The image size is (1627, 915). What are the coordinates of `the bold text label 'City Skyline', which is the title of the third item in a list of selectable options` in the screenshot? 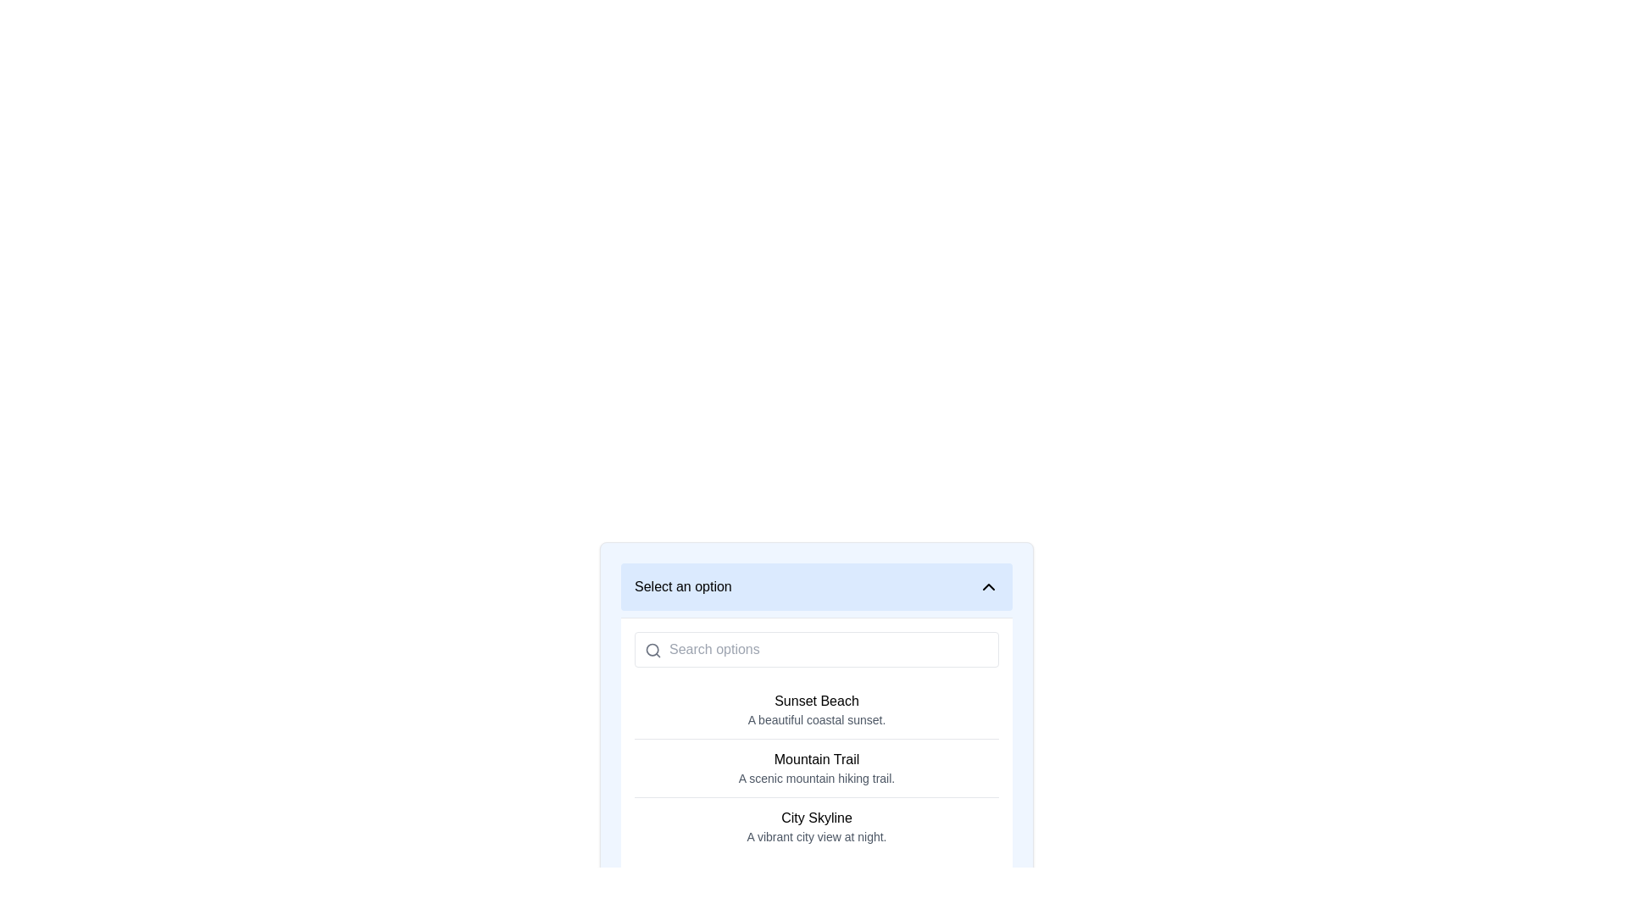 It's located at (817, 817).